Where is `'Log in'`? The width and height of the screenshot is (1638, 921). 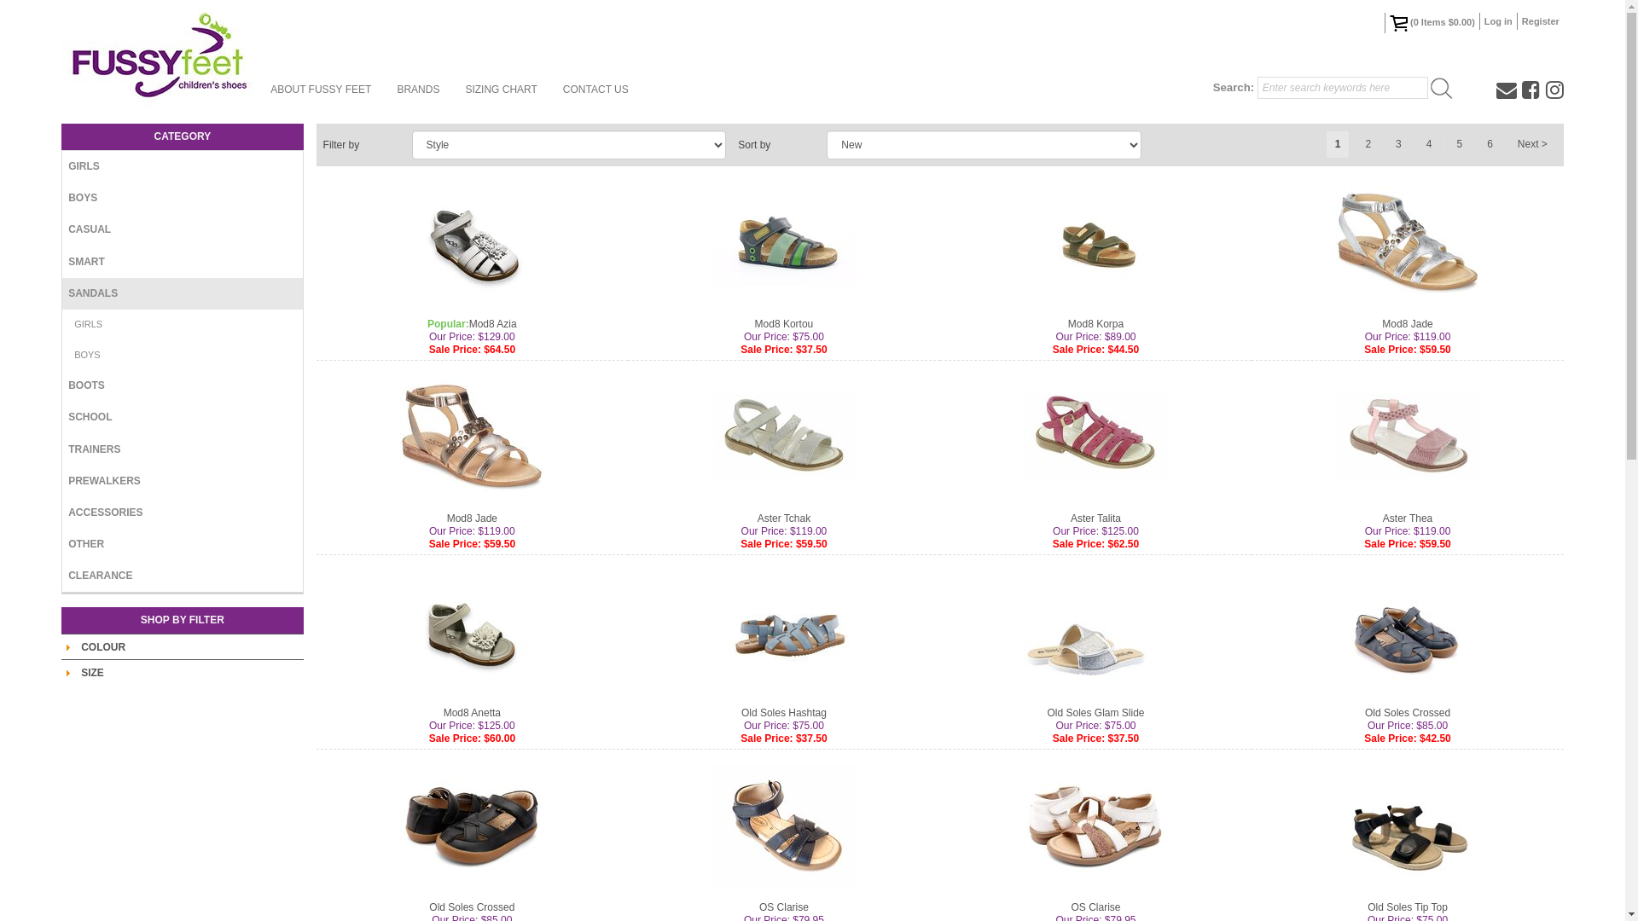 'Log in' is located at coordinates (1497, 20).